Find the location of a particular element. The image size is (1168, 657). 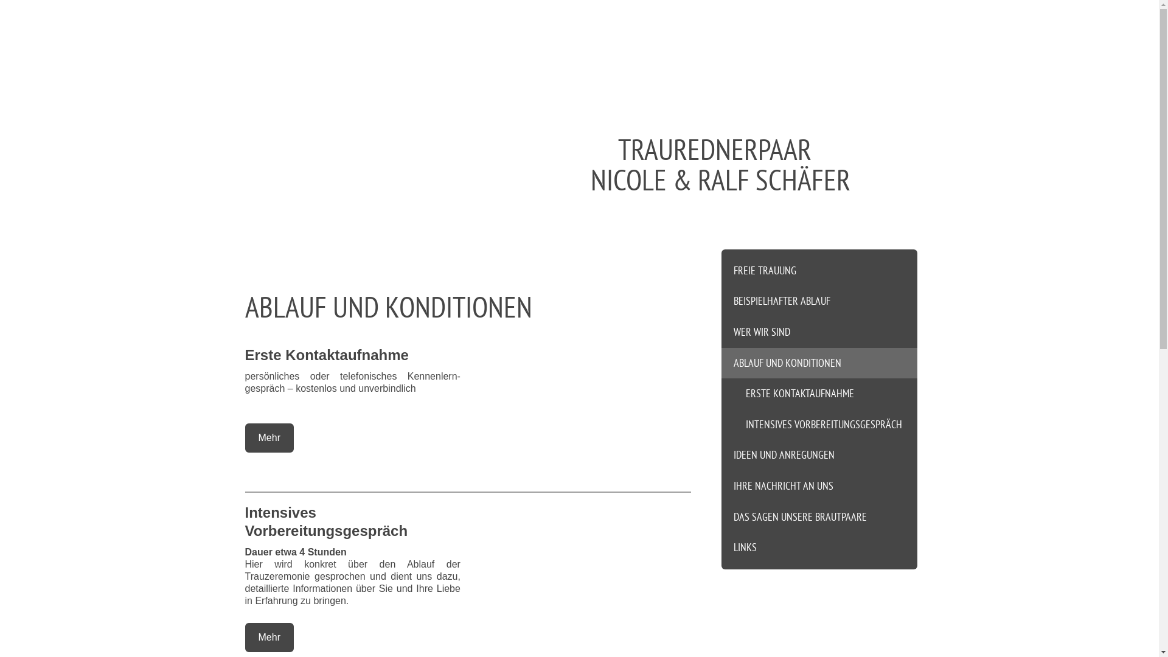

'ERSTE KONTAKTAUFNAHME' is located at coordinates (819, 394).